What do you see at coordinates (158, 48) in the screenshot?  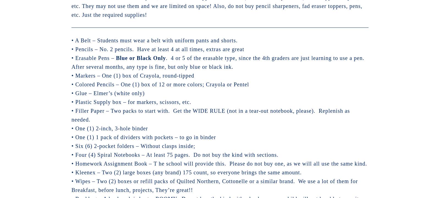 I see `'• Pencils – No. 2 pencils.  Have at least 4 at all times, extras are great'` at bounding box center [158, 48].